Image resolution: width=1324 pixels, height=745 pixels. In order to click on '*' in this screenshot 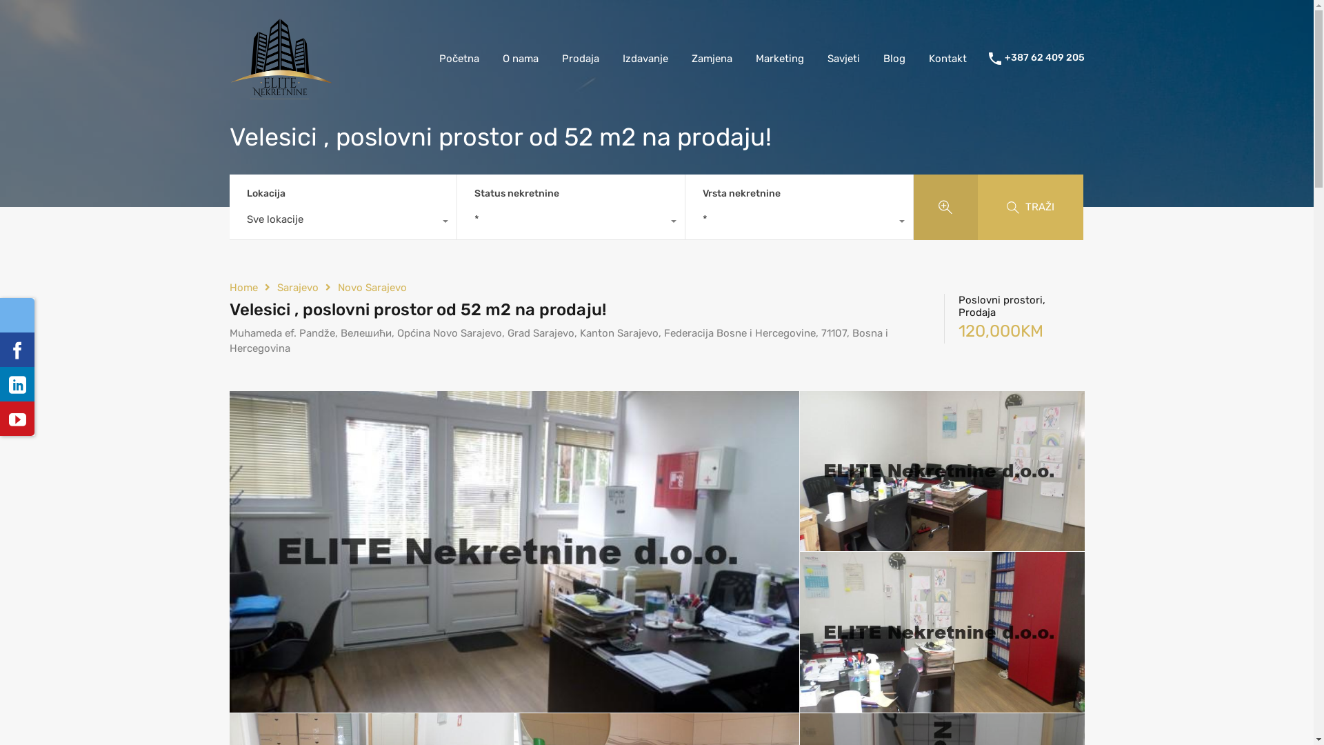, I will do `click(571, 222)`.